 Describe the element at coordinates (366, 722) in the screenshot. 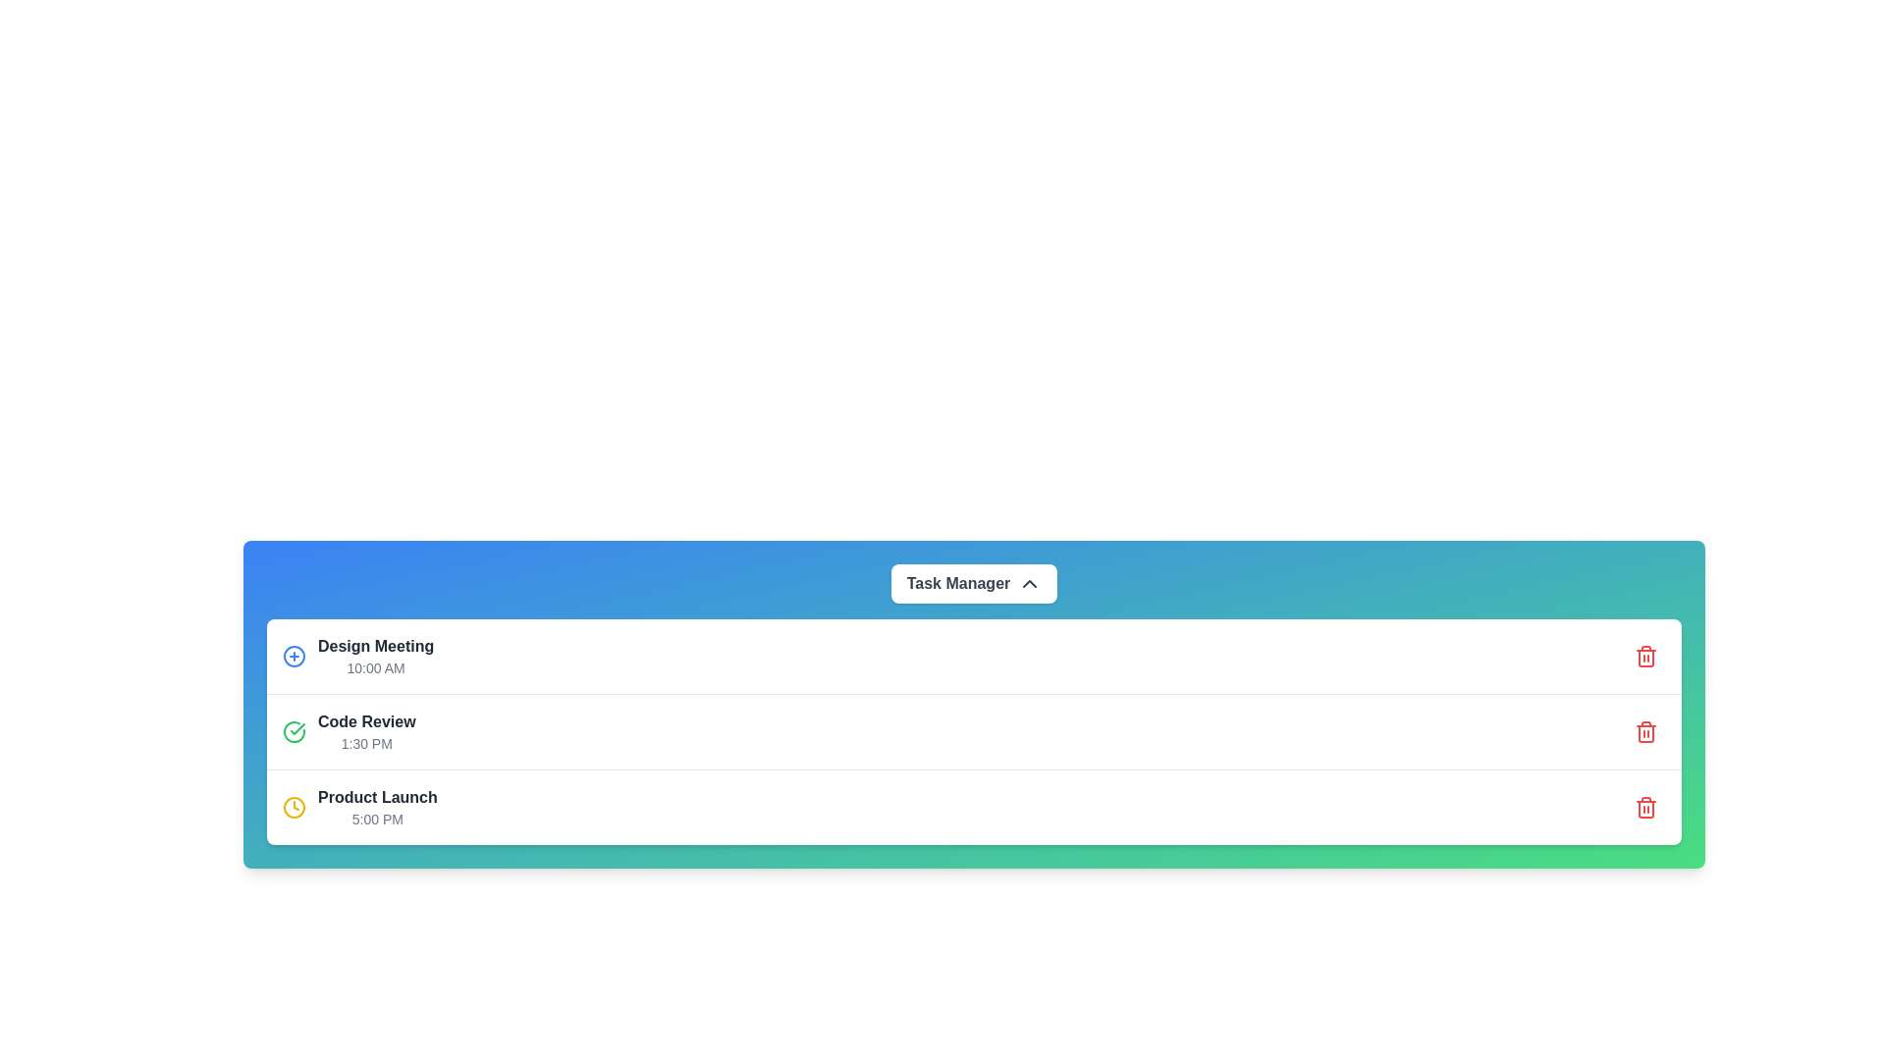

I see `text label for the task named 'Code Review' located in the 'Task Manager' interface, positioned above the '1:30 PM' timestamp` at that location.